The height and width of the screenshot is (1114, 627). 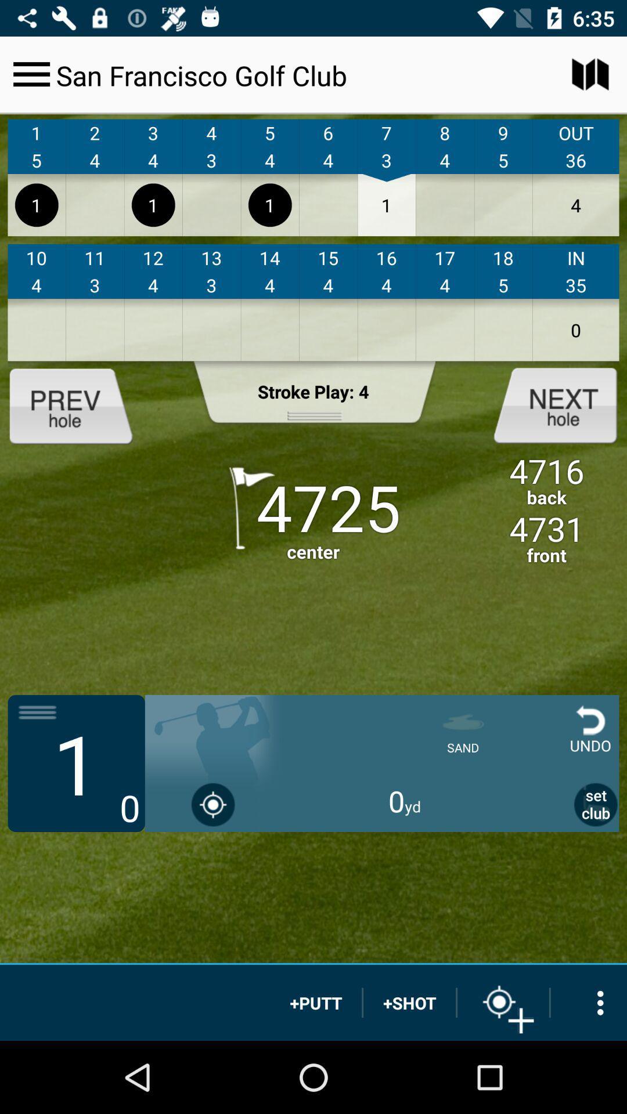 What do you see at coordinates (546, 404) in the screenshot?
I see `the next item` at bounding box center [546, 404].